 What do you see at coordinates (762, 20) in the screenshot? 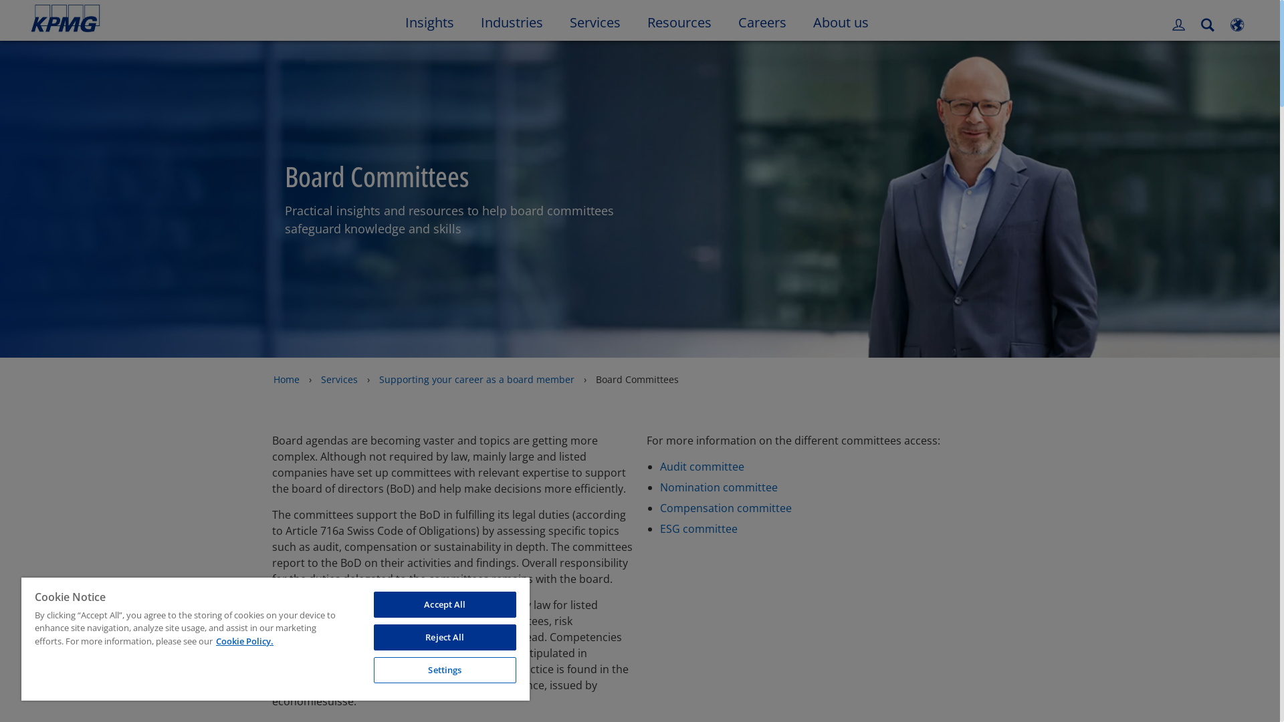
I see `'Careers'` at bounding box center [762, 20].